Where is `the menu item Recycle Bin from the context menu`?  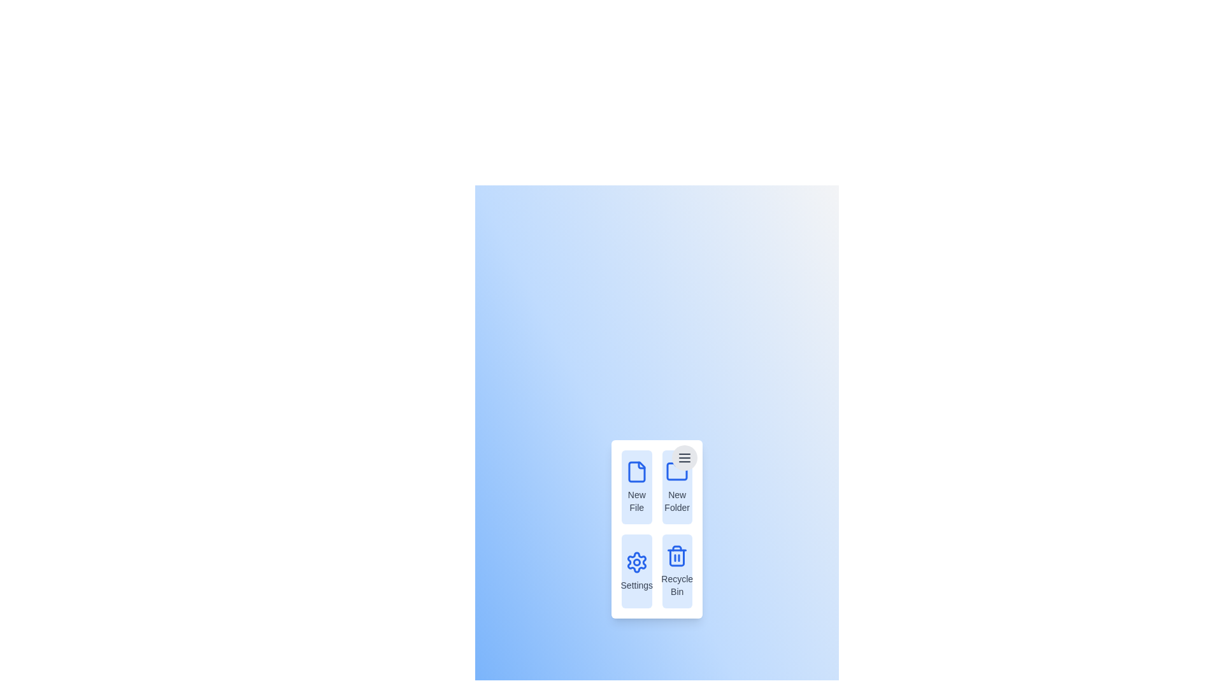 the menu item Recycle Bin from the context menu is located at coordinates (676, 571).